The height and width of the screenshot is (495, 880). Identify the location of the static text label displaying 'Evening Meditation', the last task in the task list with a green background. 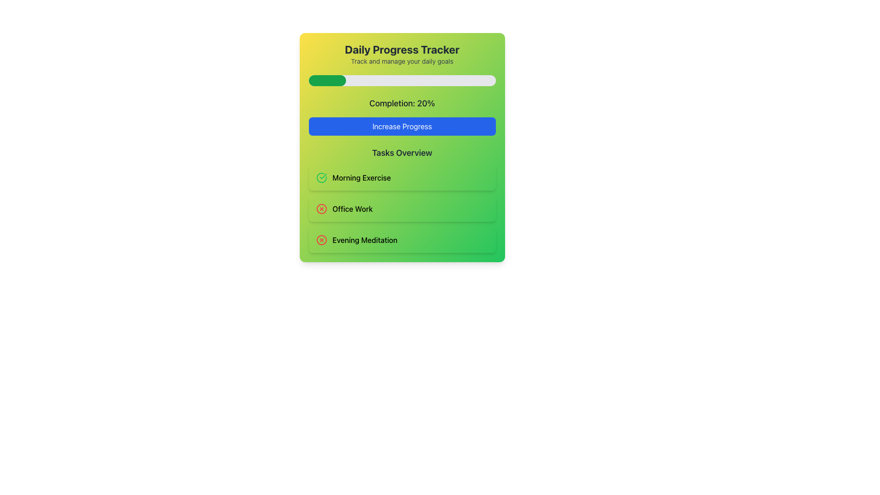
(364, 240).